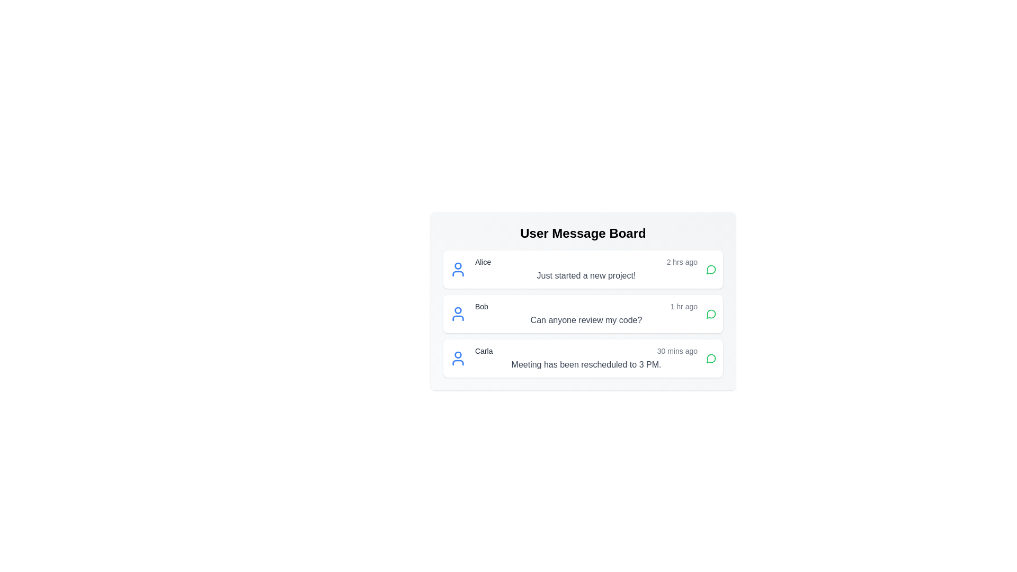 The height and width of the screenshot is (572, 1017). What do you see at coordinates (458, 314) in the screenshot?
I see `the user icon corresponding to Bob` at bounding box center [458, 314].